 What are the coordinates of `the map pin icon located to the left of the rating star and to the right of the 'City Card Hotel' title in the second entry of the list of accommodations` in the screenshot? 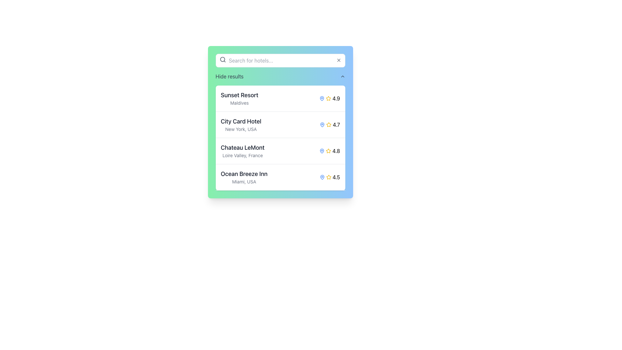 It's located at (322, 125).